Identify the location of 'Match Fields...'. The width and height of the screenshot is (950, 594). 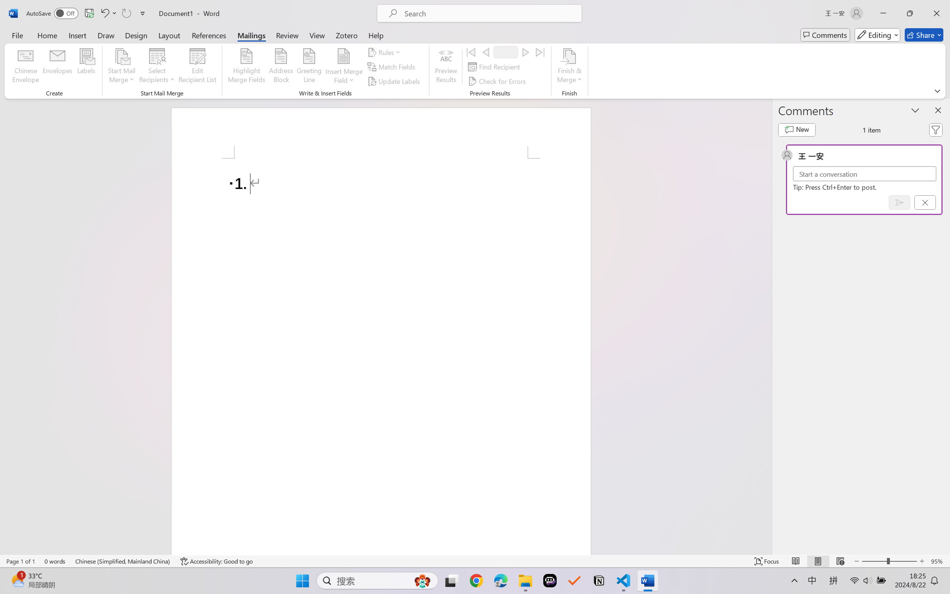
(392, 67).